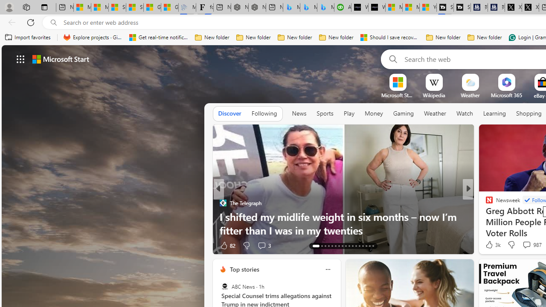 The height and width of the screenshot is (307, 546). I want to click on 'View comments 2 Comment', so click(524, 245).